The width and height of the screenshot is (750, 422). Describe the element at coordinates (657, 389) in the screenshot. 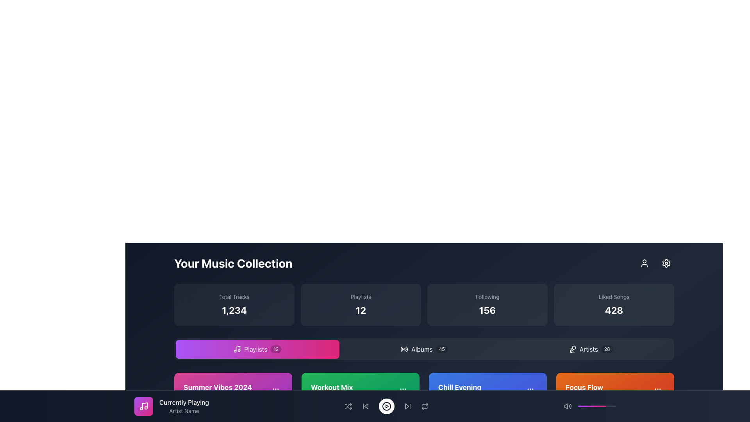

I see `the central dot of the ellipsis icon` at that location.